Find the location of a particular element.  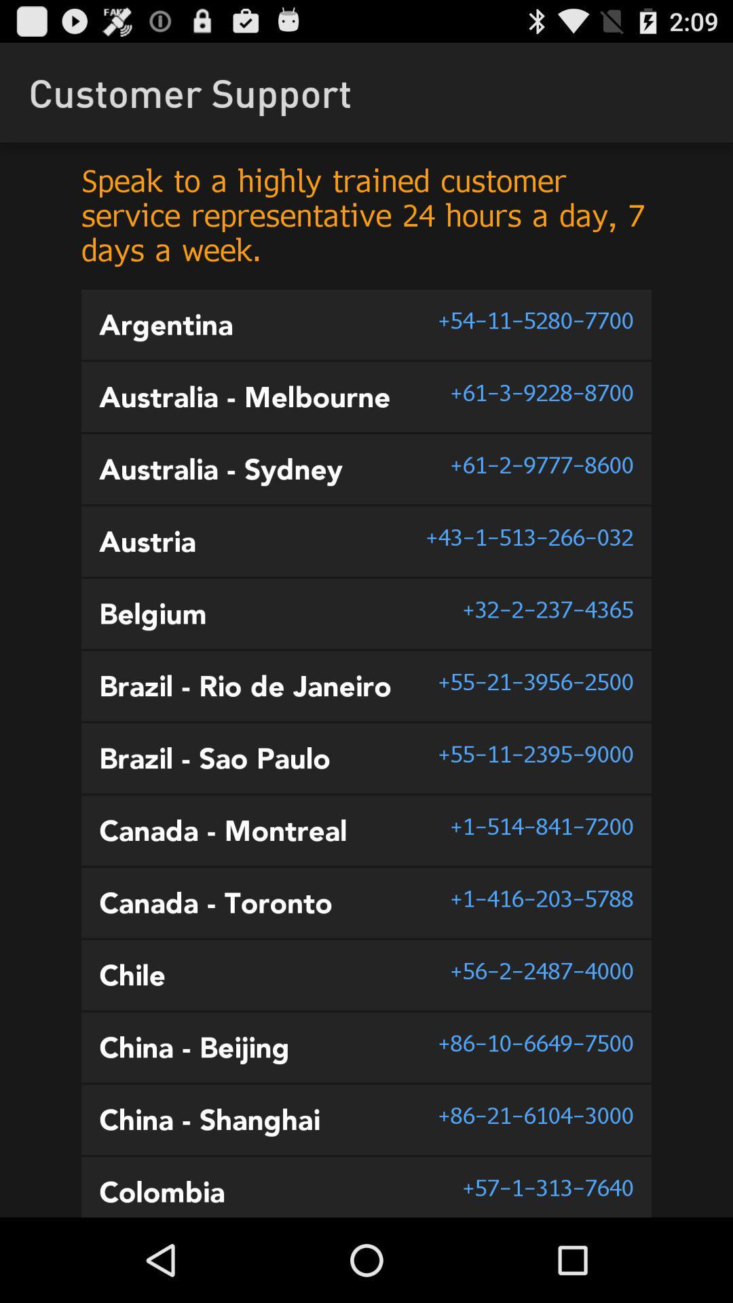

the item above the 43 1 513 is located at coordinates (541, 465).